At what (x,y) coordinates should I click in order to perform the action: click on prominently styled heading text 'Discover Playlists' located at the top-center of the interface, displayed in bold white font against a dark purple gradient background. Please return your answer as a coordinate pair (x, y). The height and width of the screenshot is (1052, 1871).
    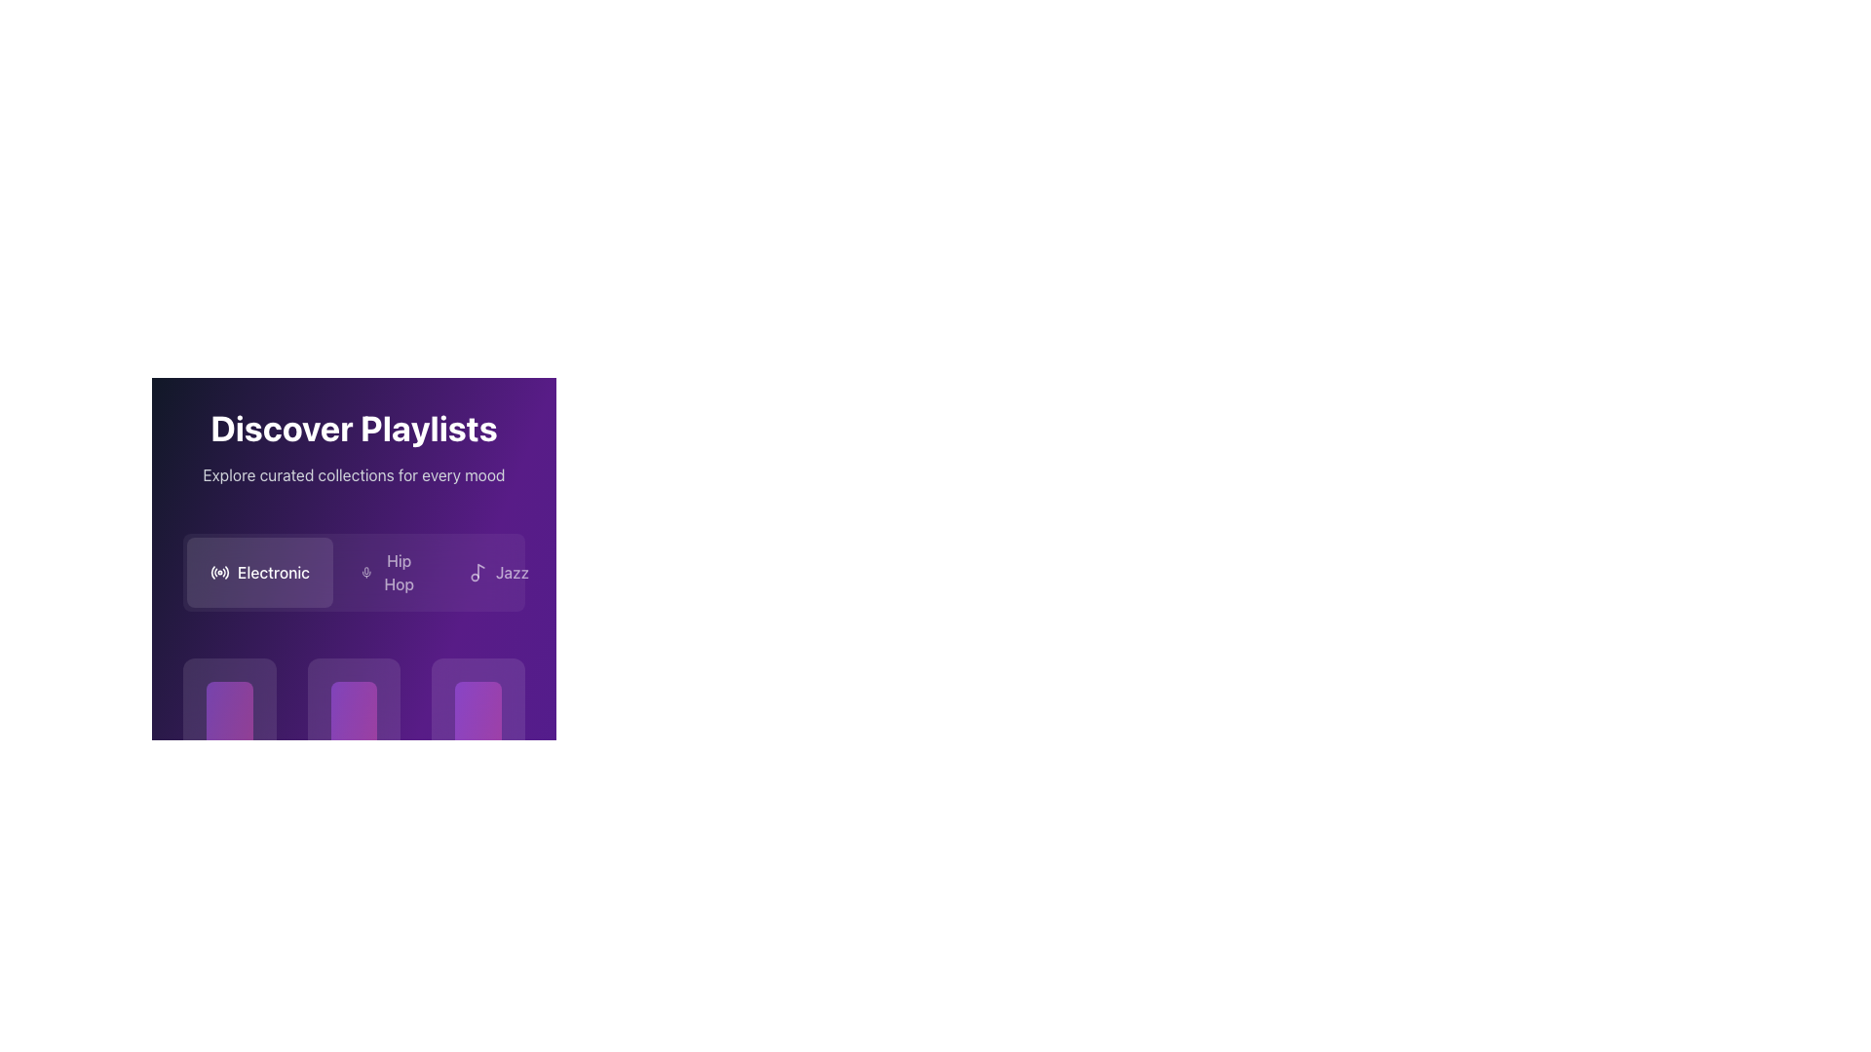
    Looking at the image, I should click on (354, 427).